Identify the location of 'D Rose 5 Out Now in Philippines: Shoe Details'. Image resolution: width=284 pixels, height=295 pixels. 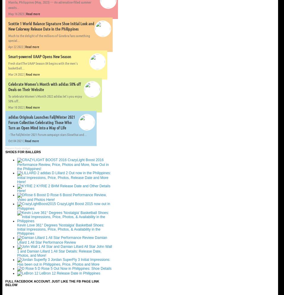
(74, 268).